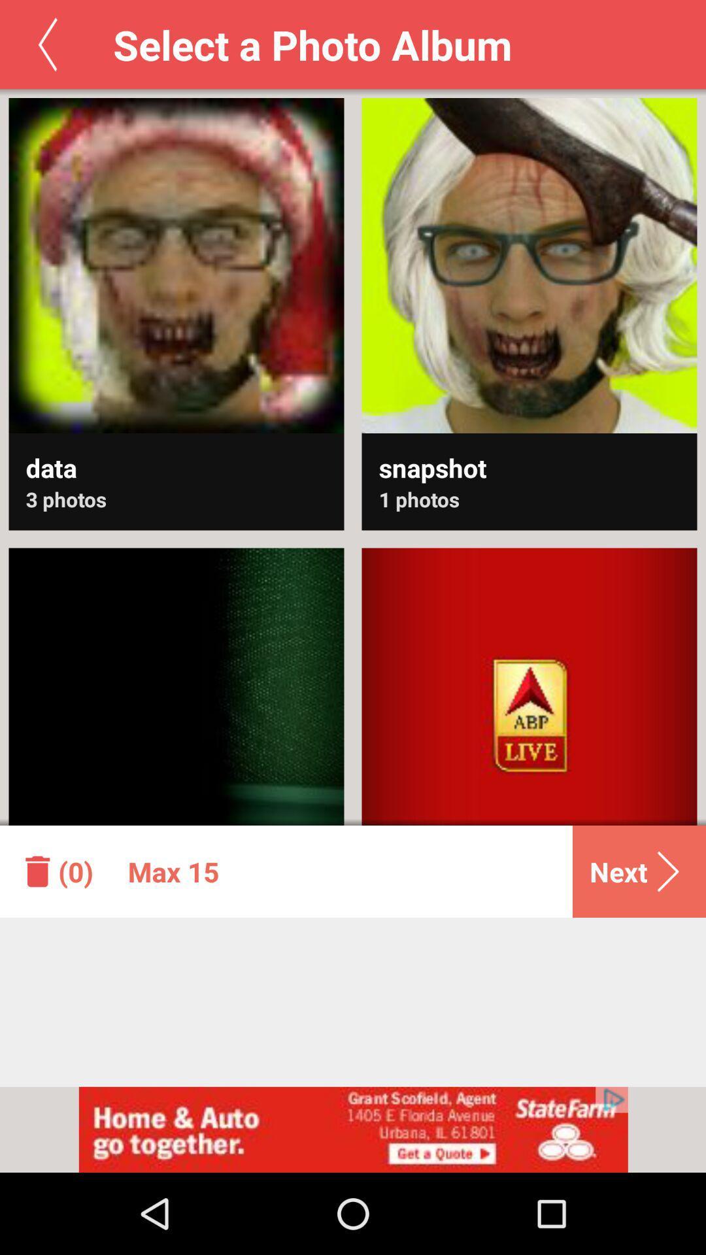 This screenshot has width=706, height=1255. I want to click on the navigation icon, so click(564, 707).